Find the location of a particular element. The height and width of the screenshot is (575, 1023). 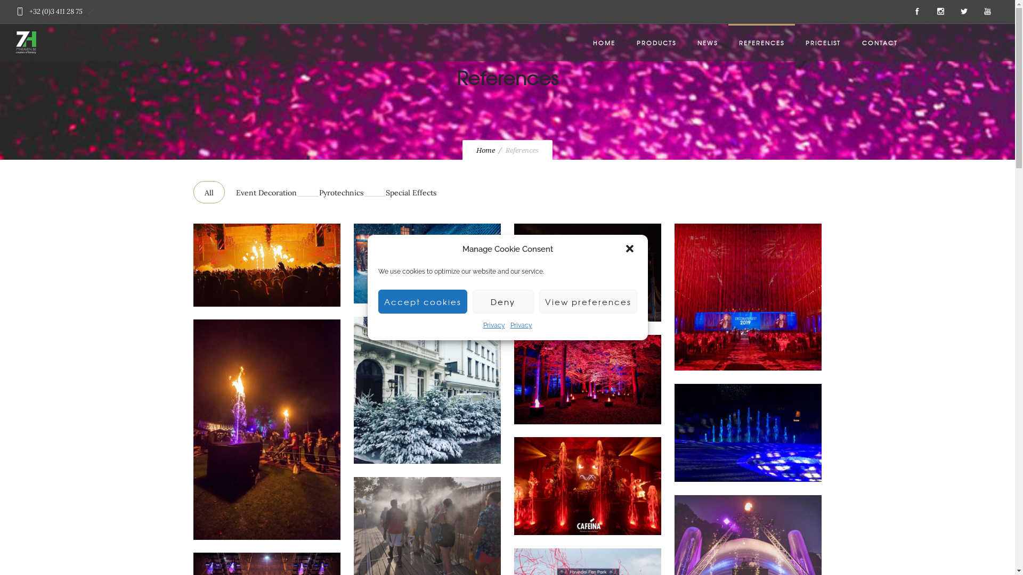

'Twitter' is located at coordinates (952, 12).